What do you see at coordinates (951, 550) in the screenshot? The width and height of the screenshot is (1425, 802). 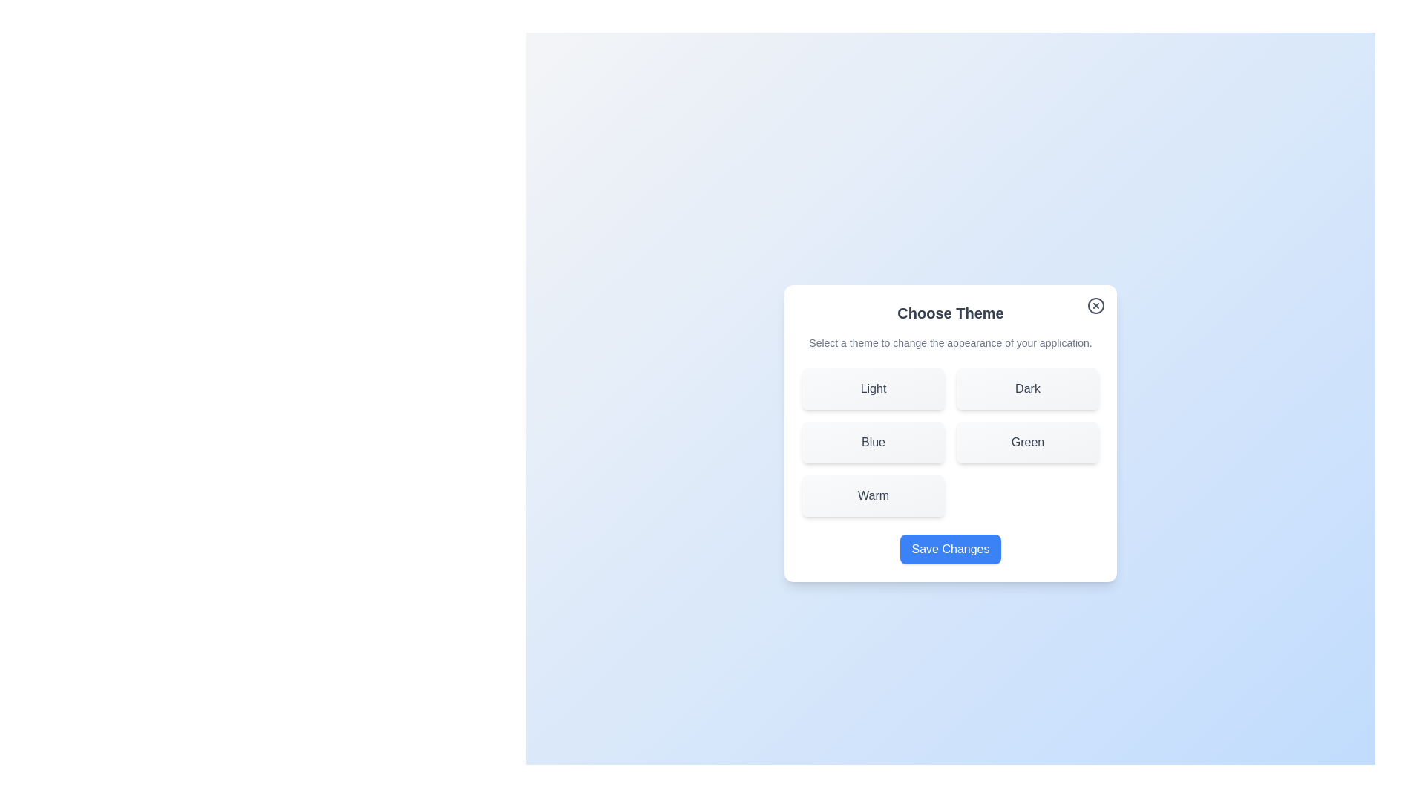 I see `the 'Save Changes' button to confirm the theme selection` at bounding box center [951, 550].